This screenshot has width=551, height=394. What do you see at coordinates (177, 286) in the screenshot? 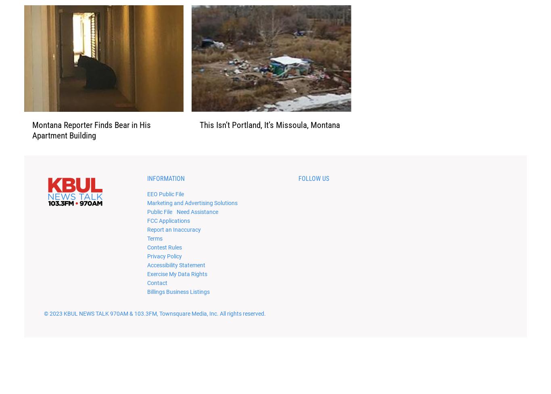
I see `'Exercise My Data Rights'` at bounding box center [177, 286].